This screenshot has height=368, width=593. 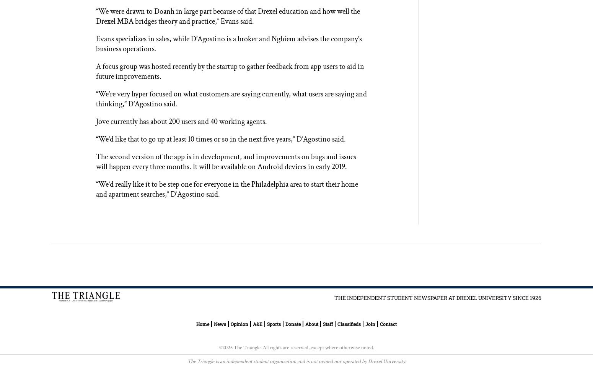 What do you see at coordinates (225, 161) in the screenshot?
I see `'The second version of the app is in development, and improvements on bugs and issues will happen every three months. It will be available on Android devices in early 2019.'` at bounding box center [225, 161].